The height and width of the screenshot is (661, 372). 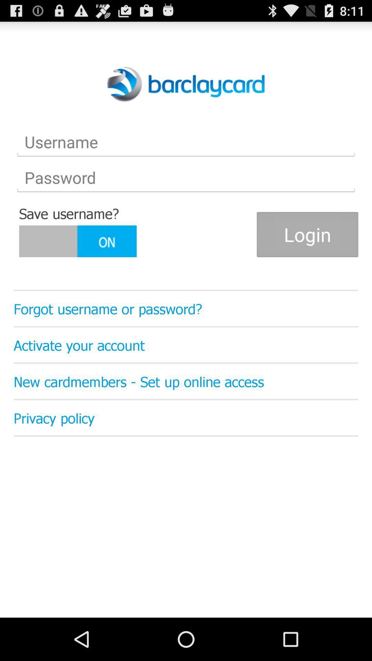 What do you see at coordinates (186, 417) in the screenshot?
I see `the privacy policy icon` at bounding box center [186, 417].